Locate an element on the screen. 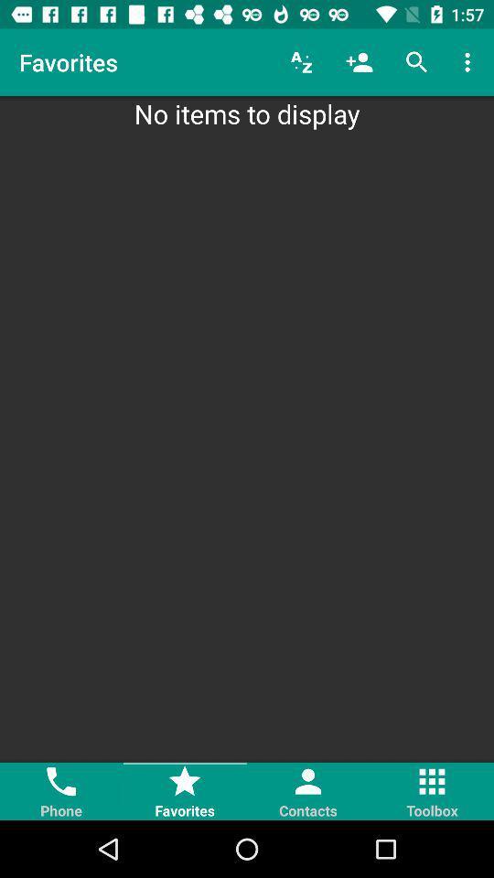 Image resolution: width=494 pixels, height=878 pixels. the icon beside favorites at the top of the page is located at coordinates (302, 62).